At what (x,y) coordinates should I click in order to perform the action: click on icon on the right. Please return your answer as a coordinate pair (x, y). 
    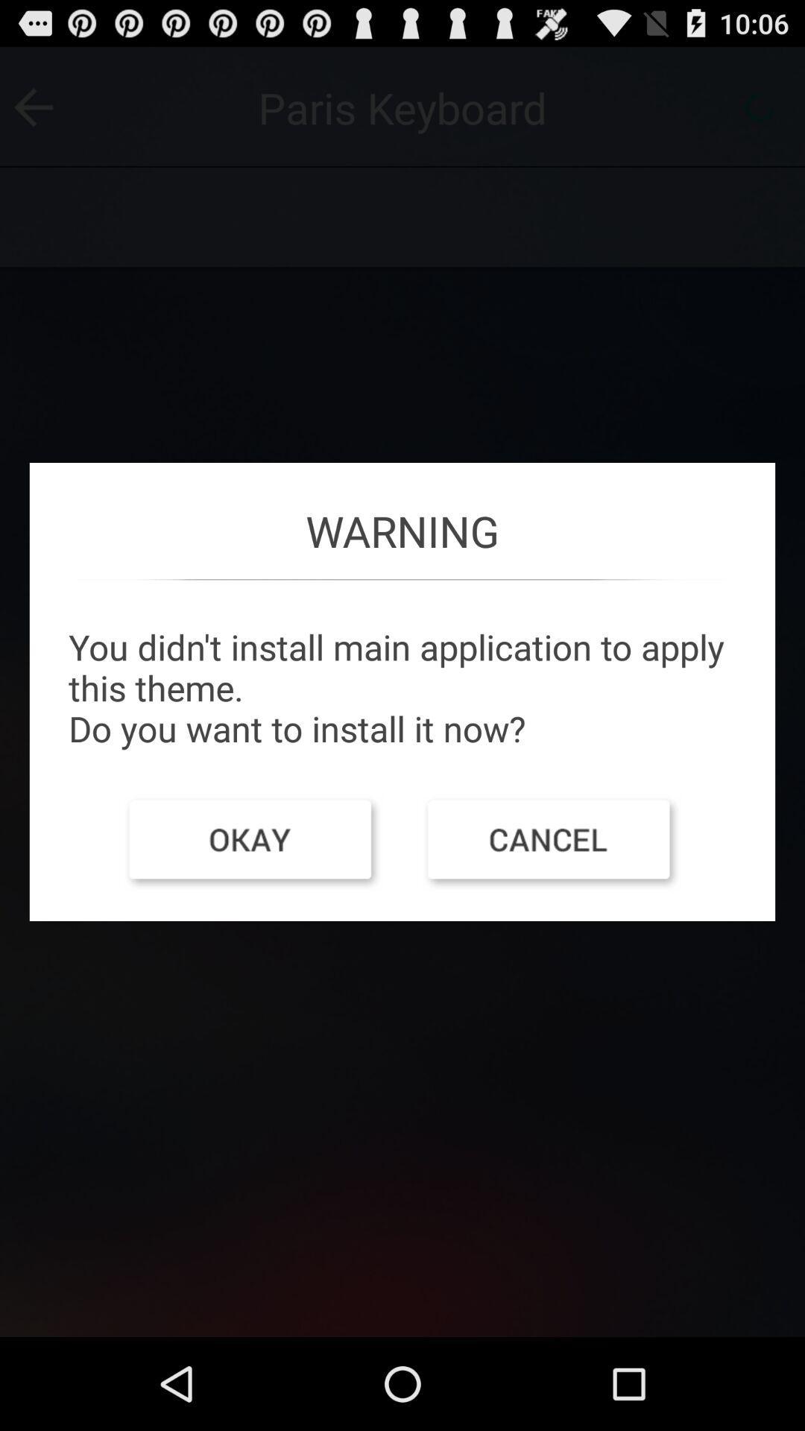
    Looking at the image, I should click on (552, 843).